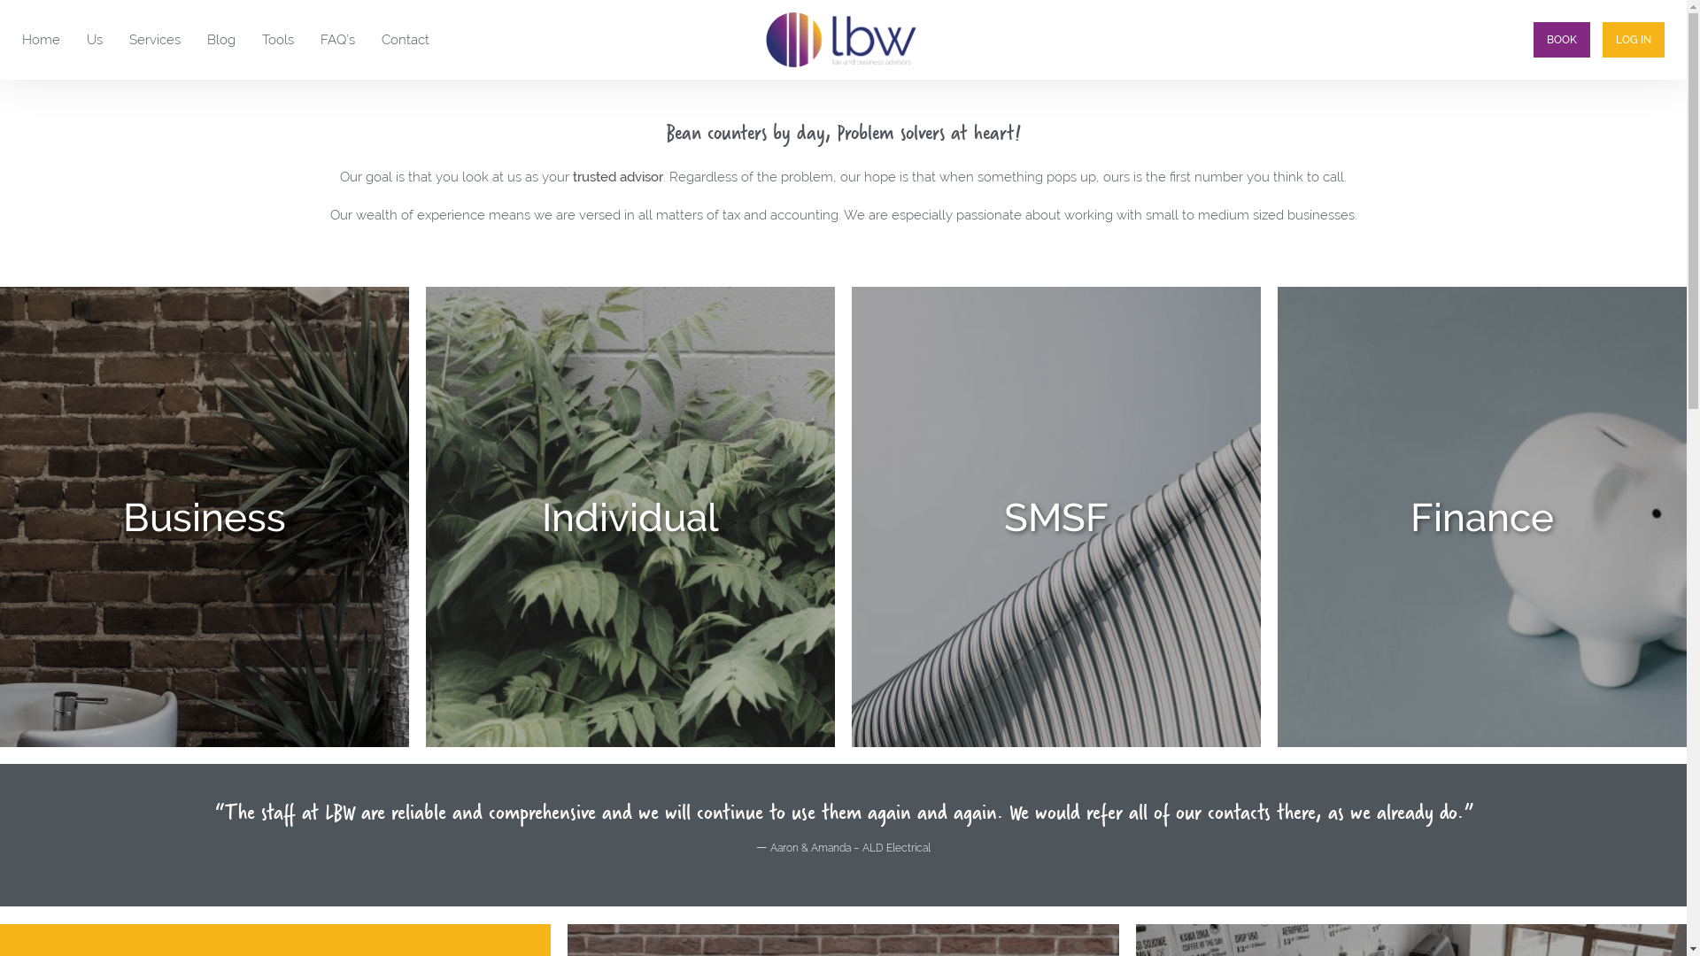  What do you see at coordinates (41, 40) in the screenshot?
I see `'Home'` at bounding box center [41, 40].